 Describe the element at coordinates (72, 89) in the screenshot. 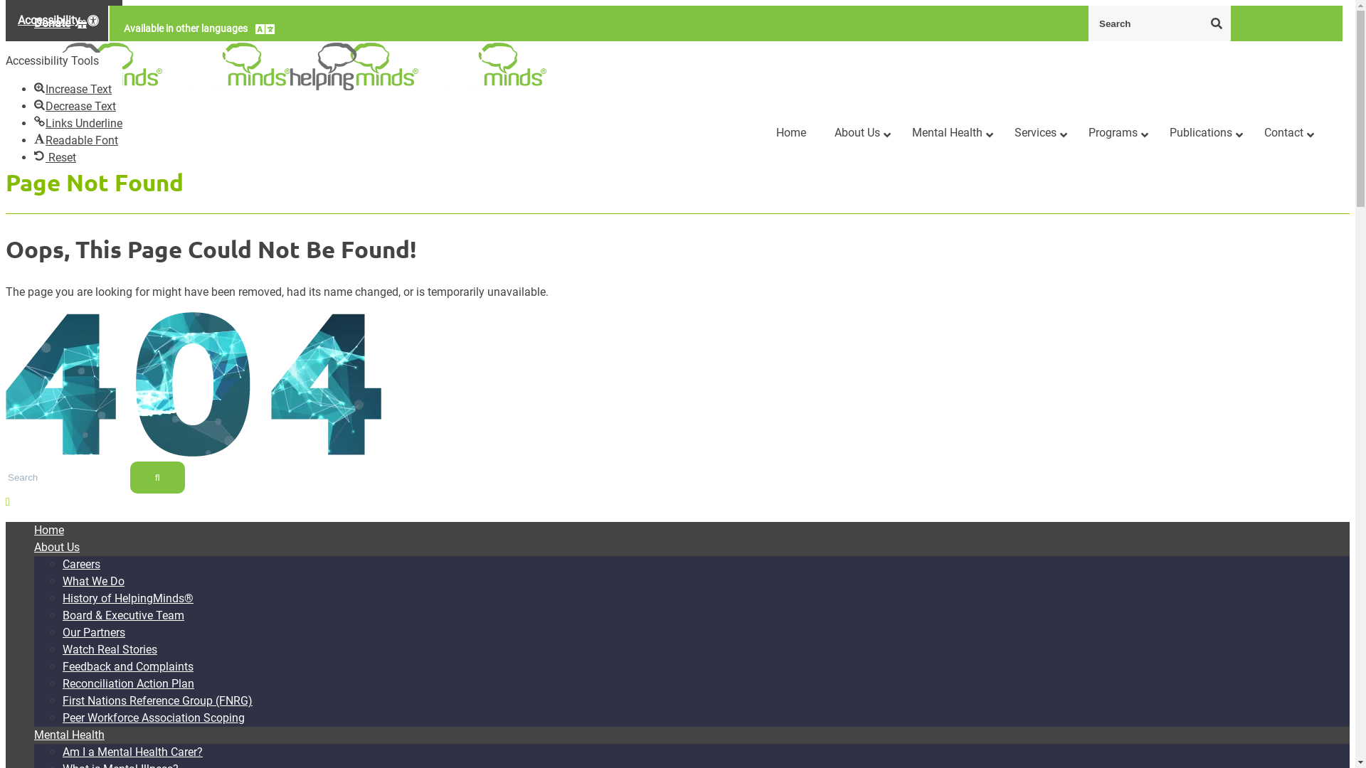

I see `'Increase TextIncrease Text'` at that location.